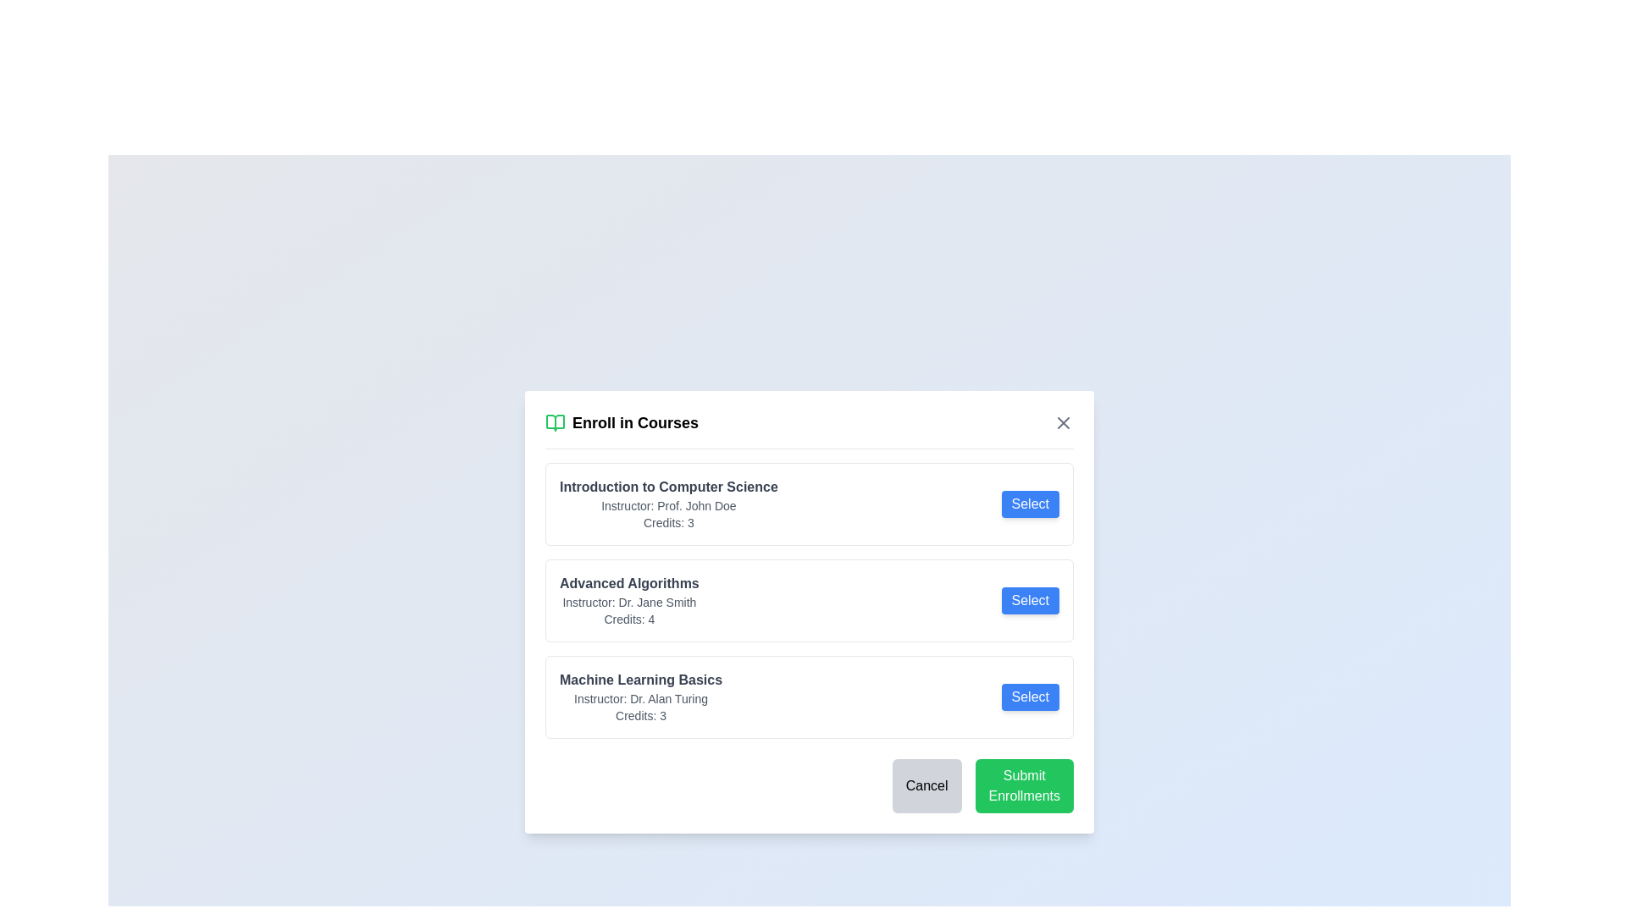 This screenshot has width=1626, height=914. Describe the element at coordinates (1063, 421) in the screenshot. I see `the close button located in the top-right corner of the modal` at that location.